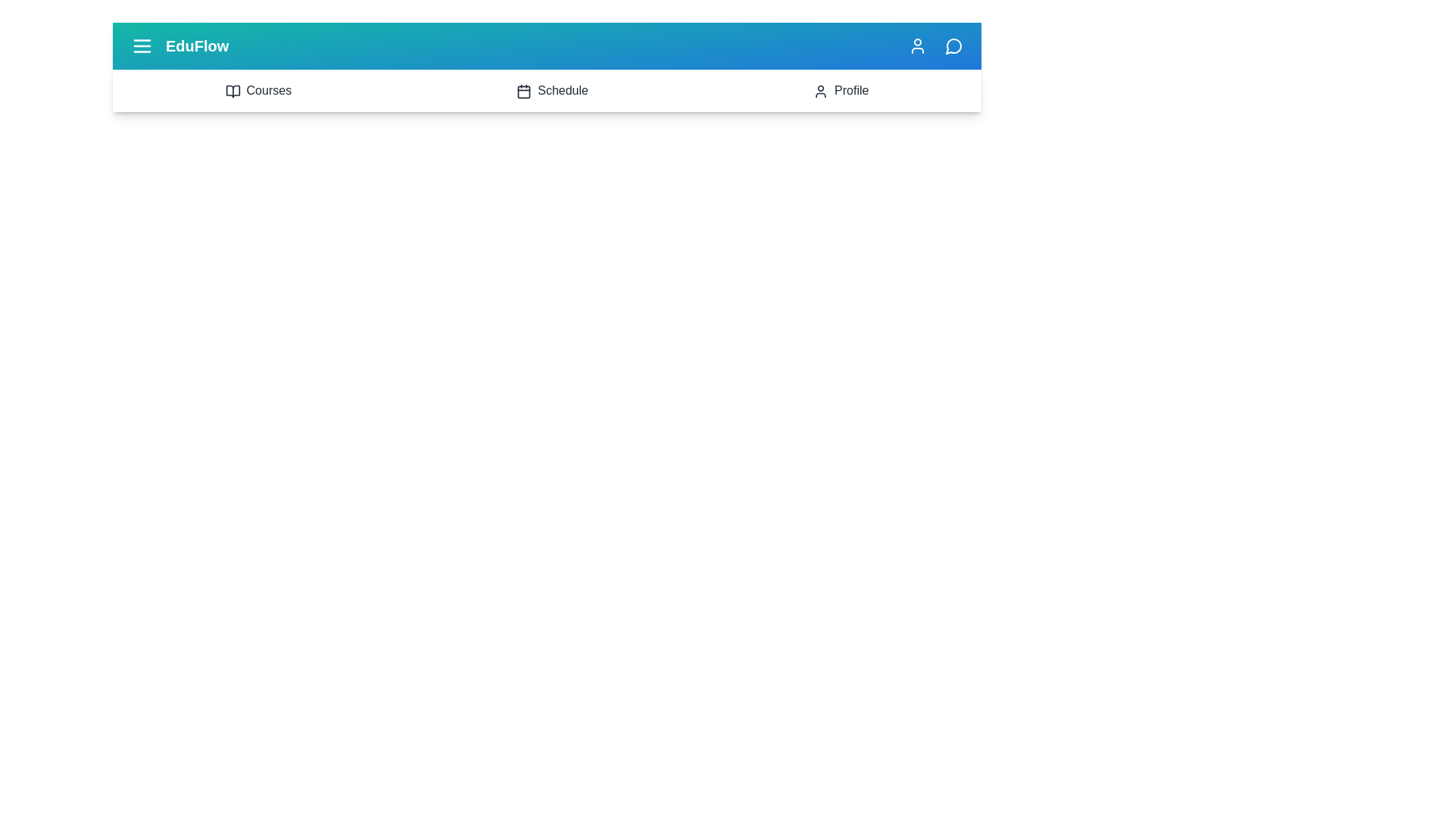 The width and height of the screenshot is (1454, 818). Describe the element at coordinates (551, 90) in the screenshot. I see `the 'Schedule' menu item to navigate to the 'Schedule' section` at that location.